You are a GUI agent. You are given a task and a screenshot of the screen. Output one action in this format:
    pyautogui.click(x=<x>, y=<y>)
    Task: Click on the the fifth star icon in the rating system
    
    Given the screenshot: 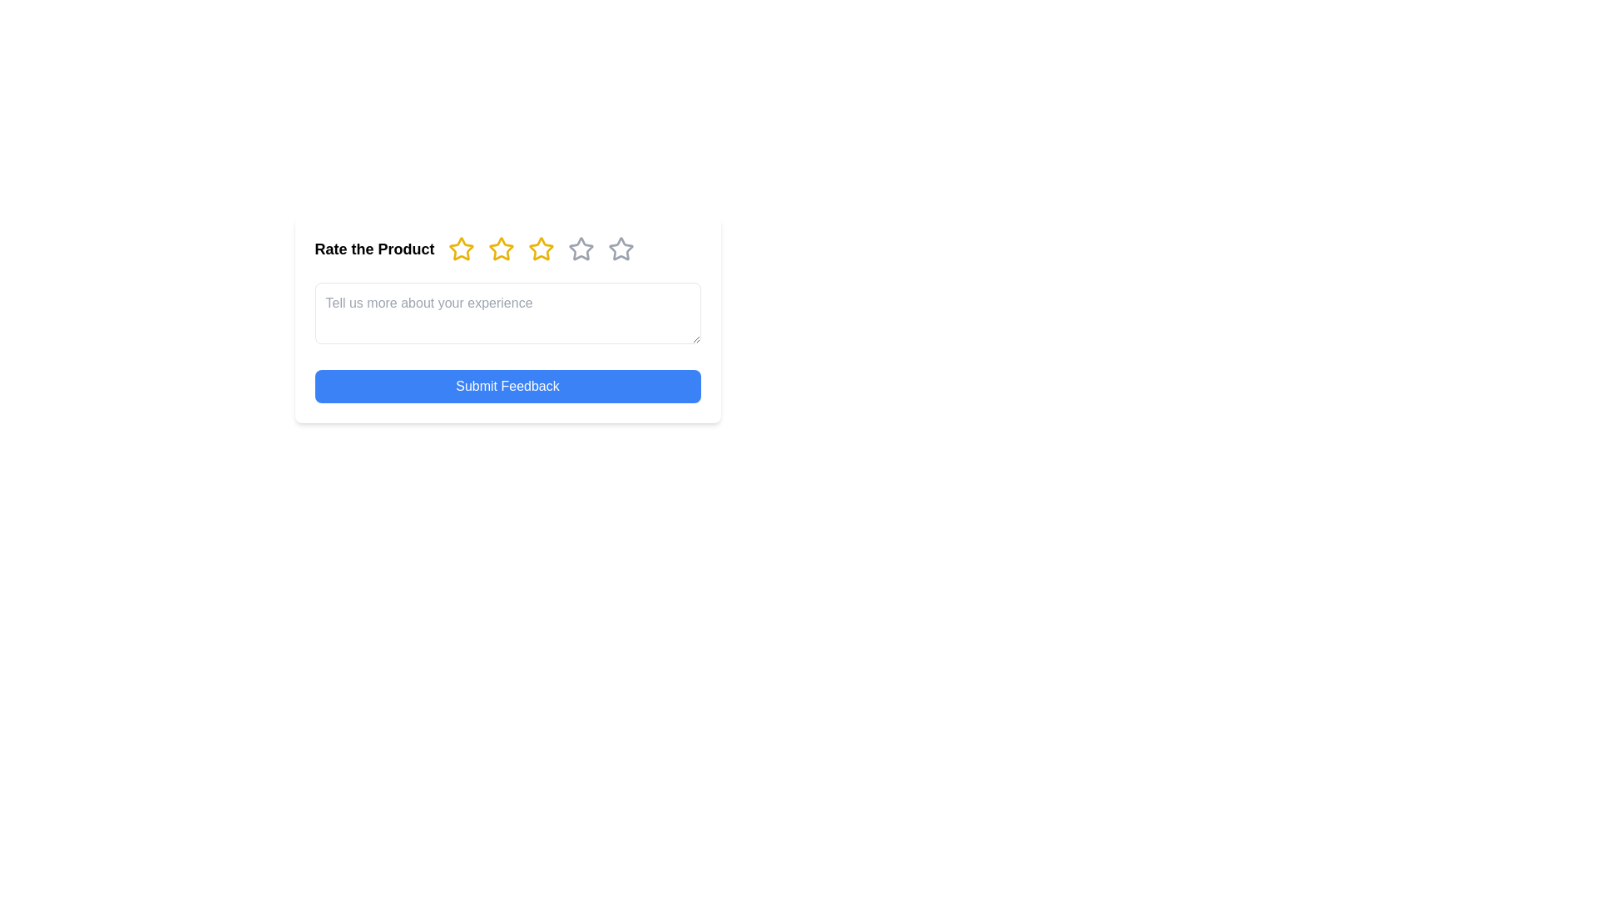 What is the action you would take?
    pyautogui.click(x=620, y=249)
    